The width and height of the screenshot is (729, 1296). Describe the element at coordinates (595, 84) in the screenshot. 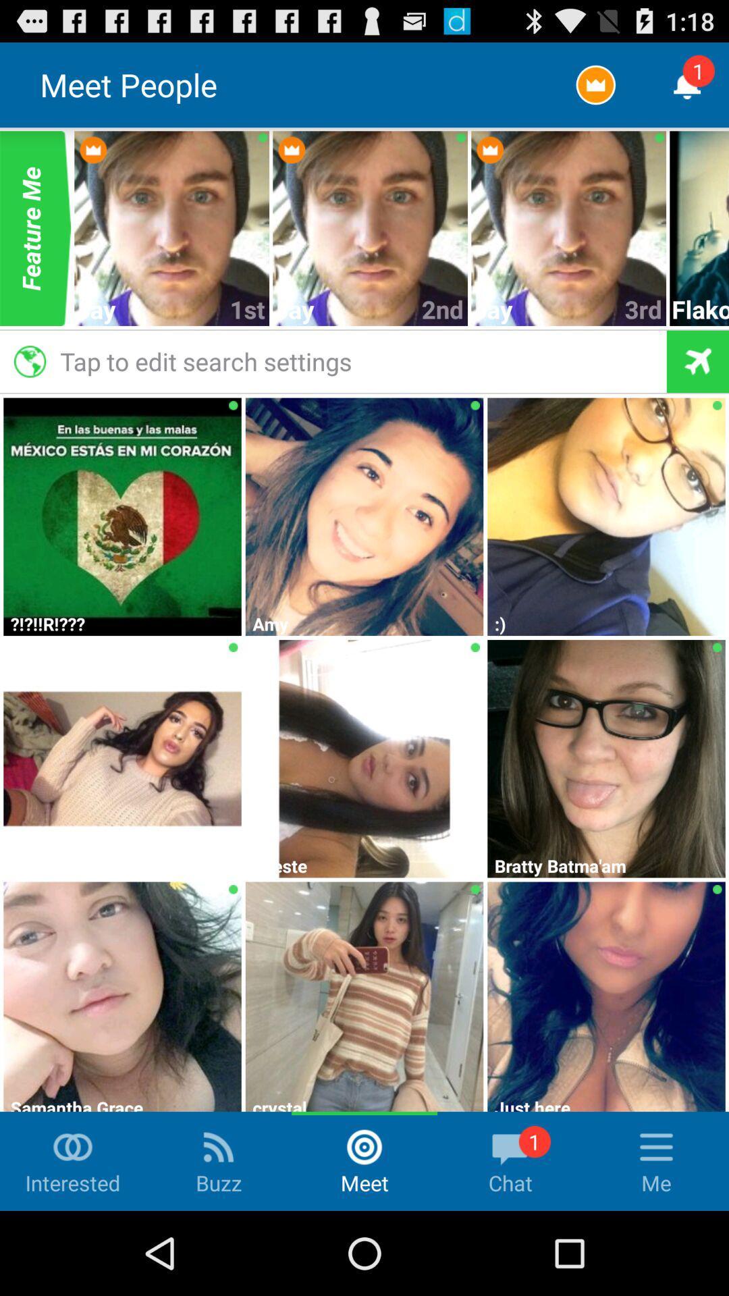

I see `icon on the right side of meet people` at that location.